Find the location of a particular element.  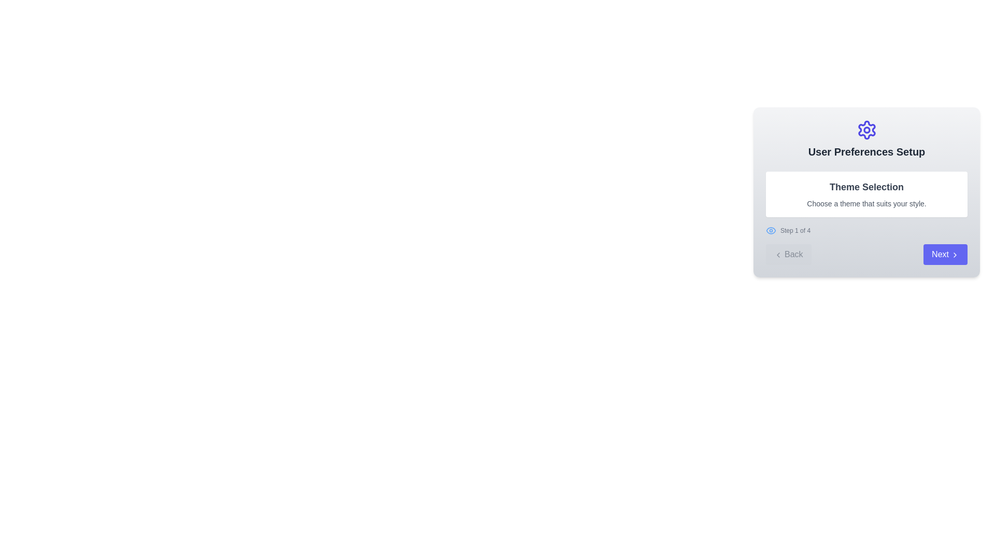

the settings icon located above the 'User Preferences Setup' text in the header section of the interface is located at coordinates (866, 129).